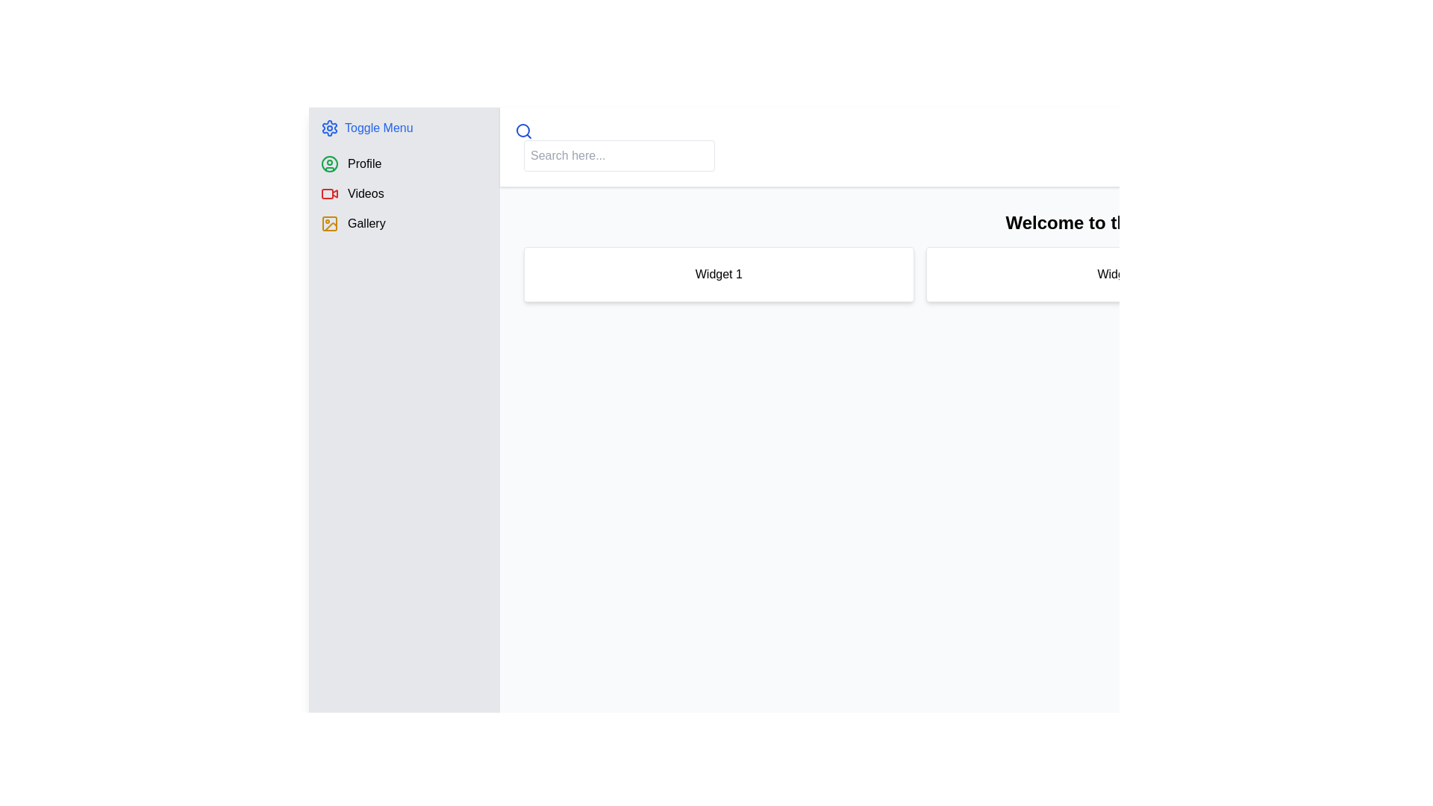  What do you see at coordinates (328, 224) in the screenshot?
I see `the yellow photographic icon with a rounded square border, located directly to the left of the 'Gallery' text in the left sidebar menu, to associate it with the labeled 'Gallery' menu item` at bounding box center [328, 224].